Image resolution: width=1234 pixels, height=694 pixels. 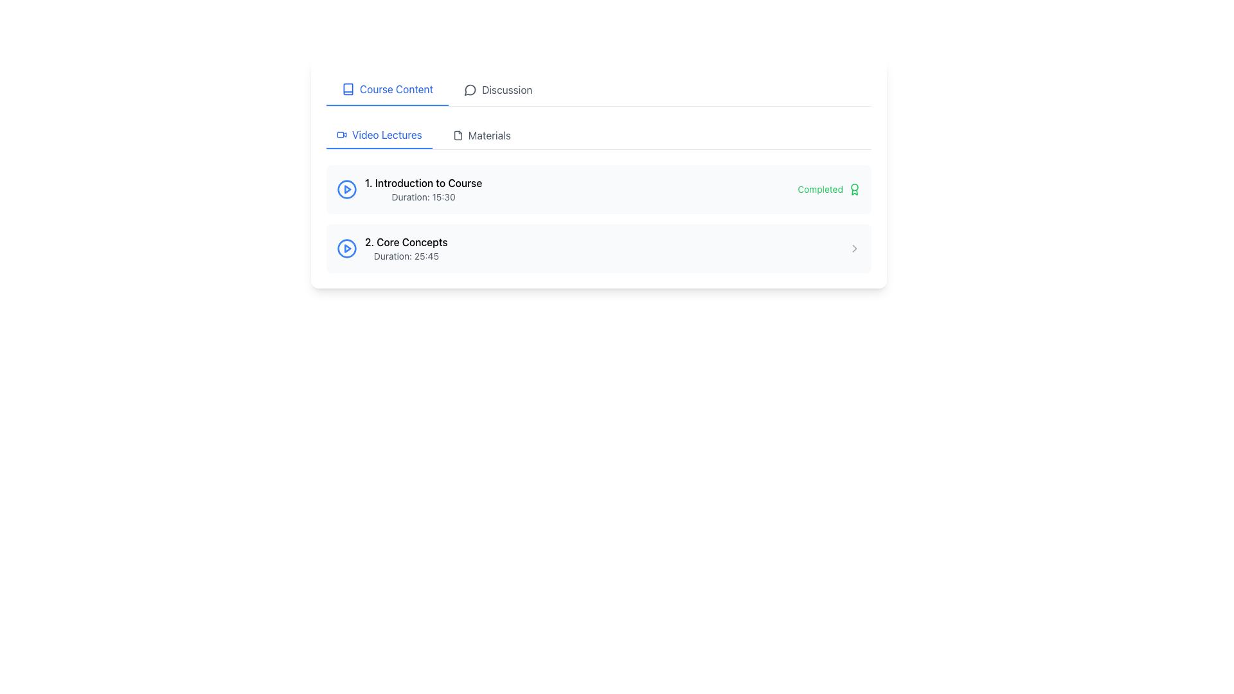 I want to click on the video-related SVG icon that represents 'Video Lectures', positioned to the left of the label text, so click(x=342, y=134).